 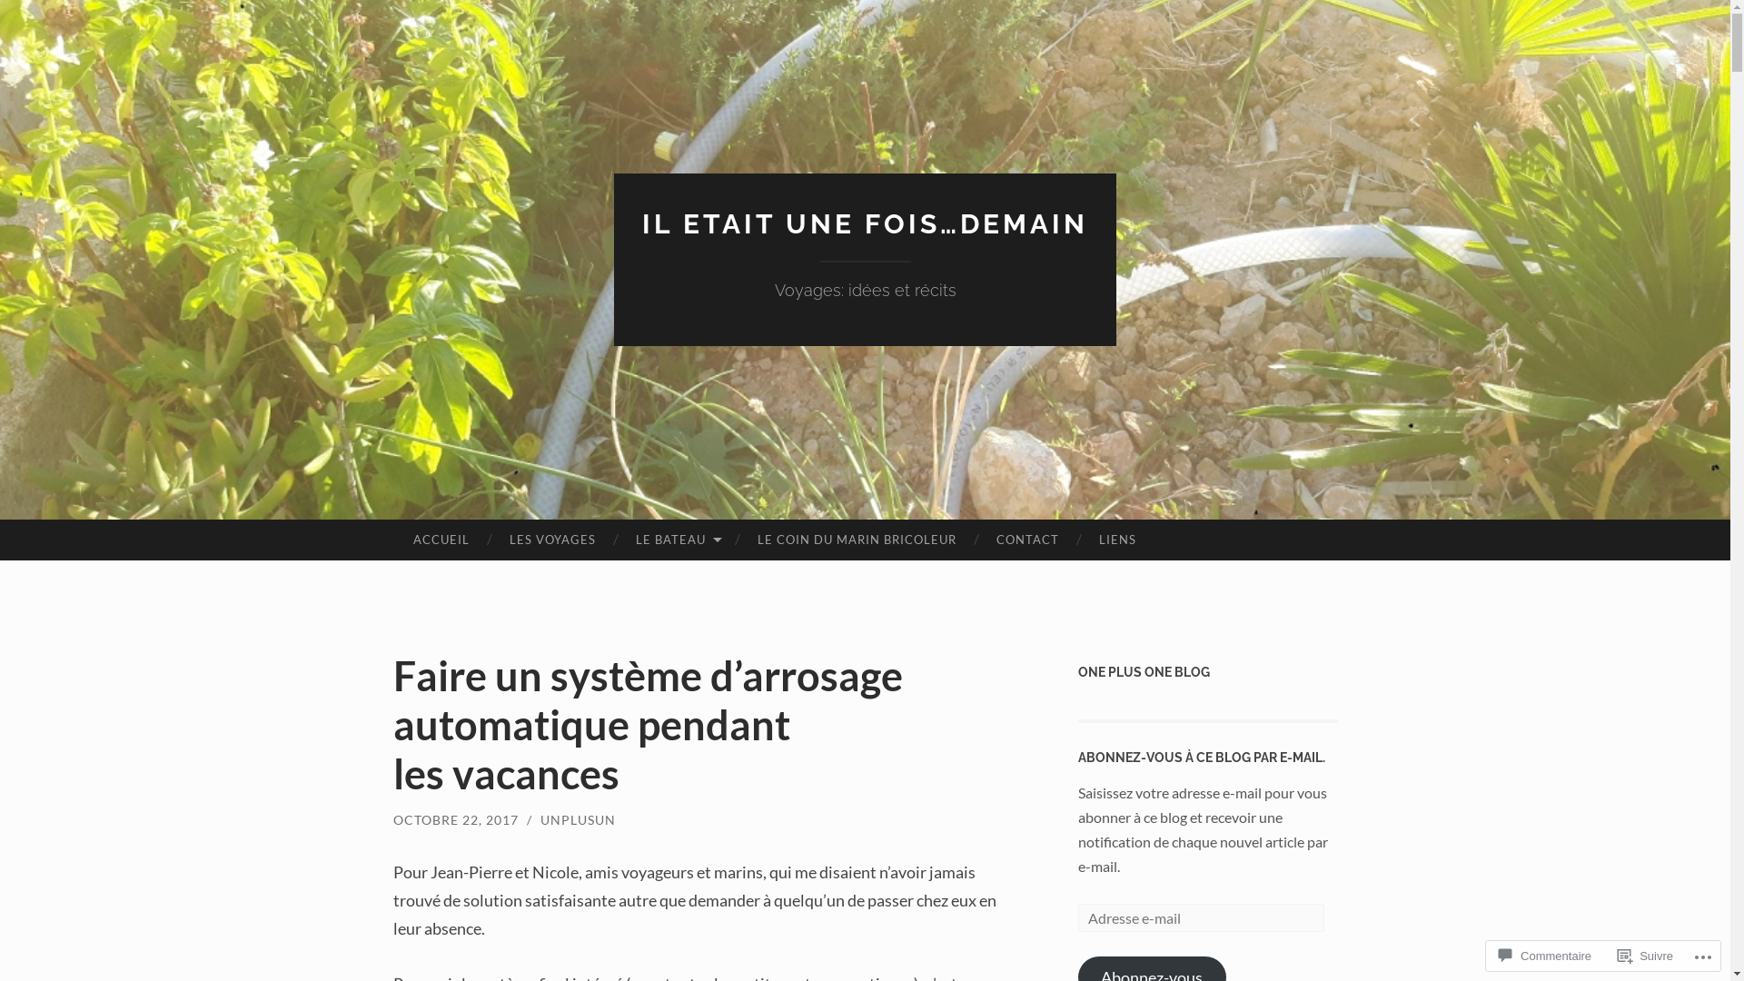 What do you see at coordinates (1543, 955) in the screenshot?
I see `'Commentaire'` at bounding box center [1543, 955].